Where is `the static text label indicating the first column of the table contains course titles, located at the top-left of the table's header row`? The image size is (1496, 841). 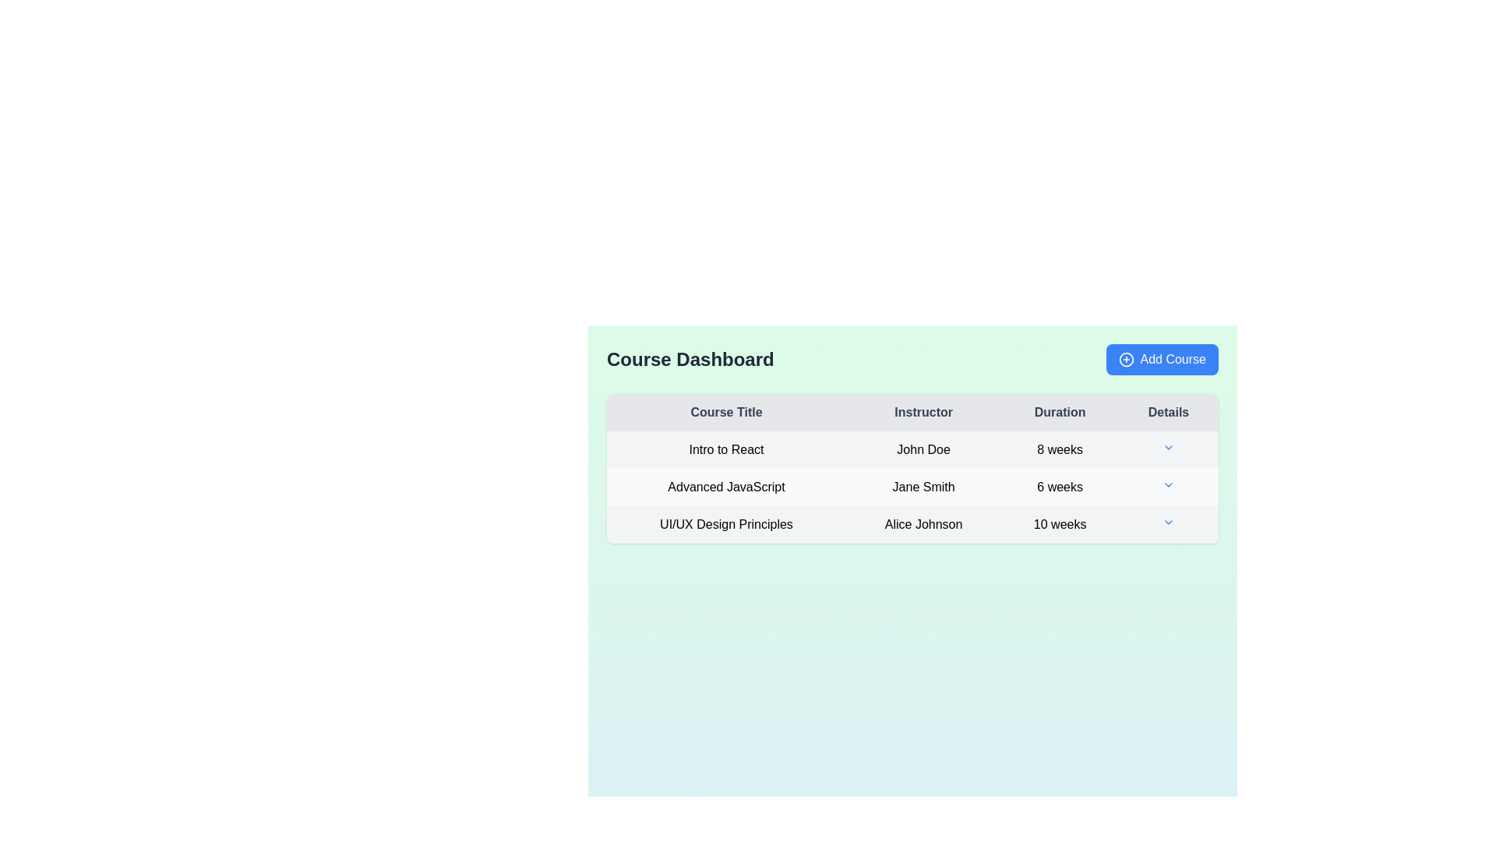 the static text label indicating the first column of the table contains course titles, located at the top-left of the table's header row is located at coordinates (725, 411).